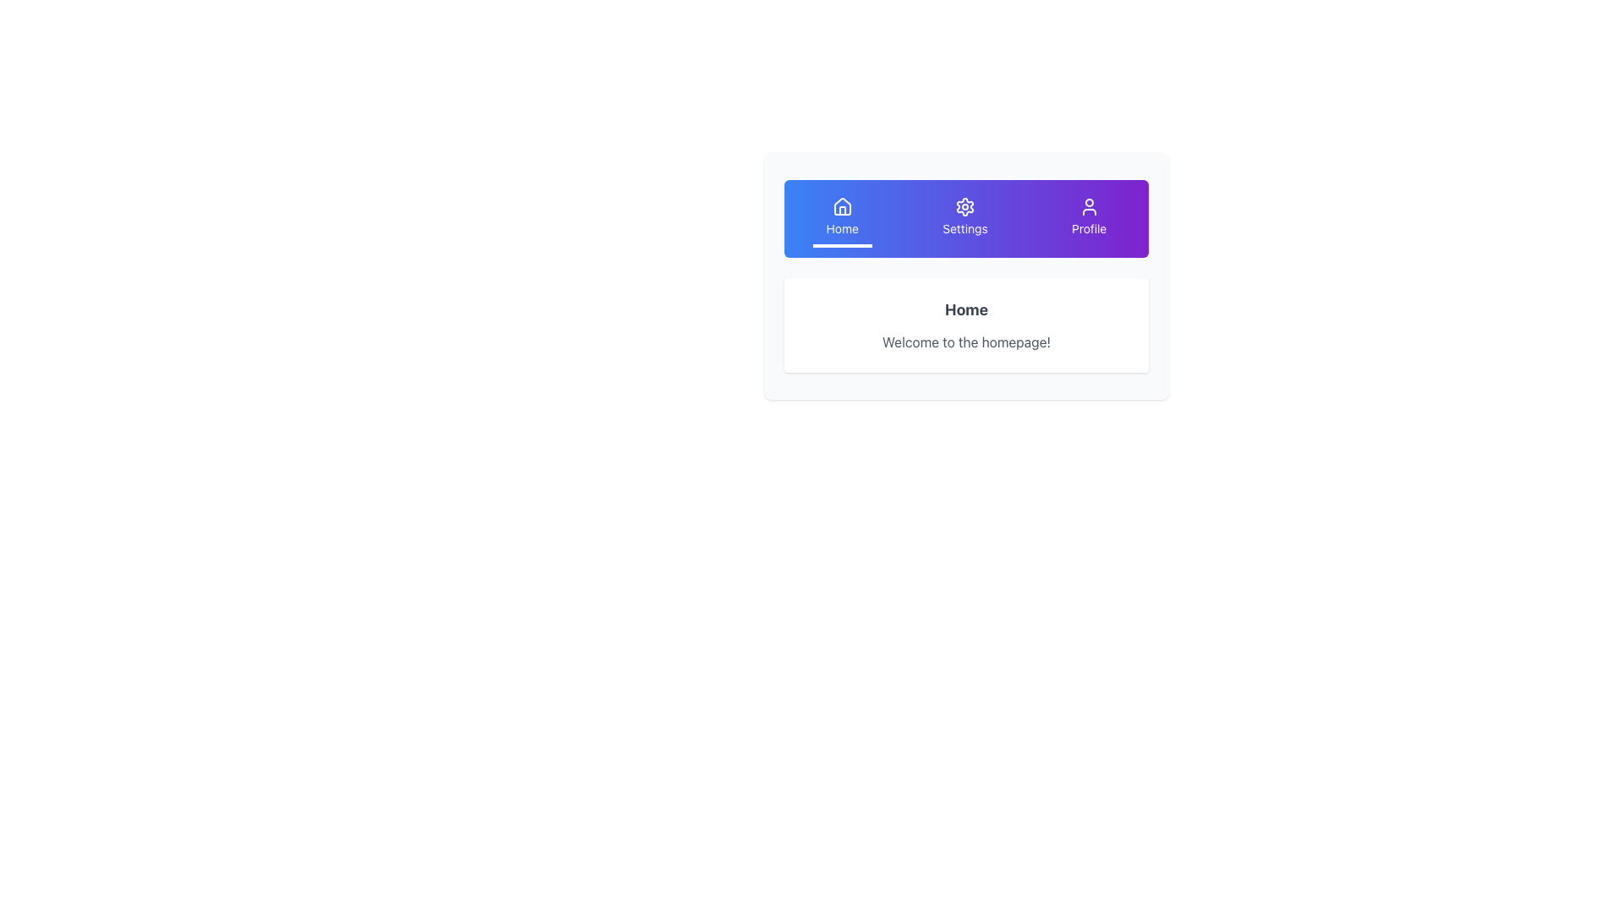  I want to click on the content display area that showcases the title 'Home' and description 'Welcome to the homepage!', so click(966, 276).